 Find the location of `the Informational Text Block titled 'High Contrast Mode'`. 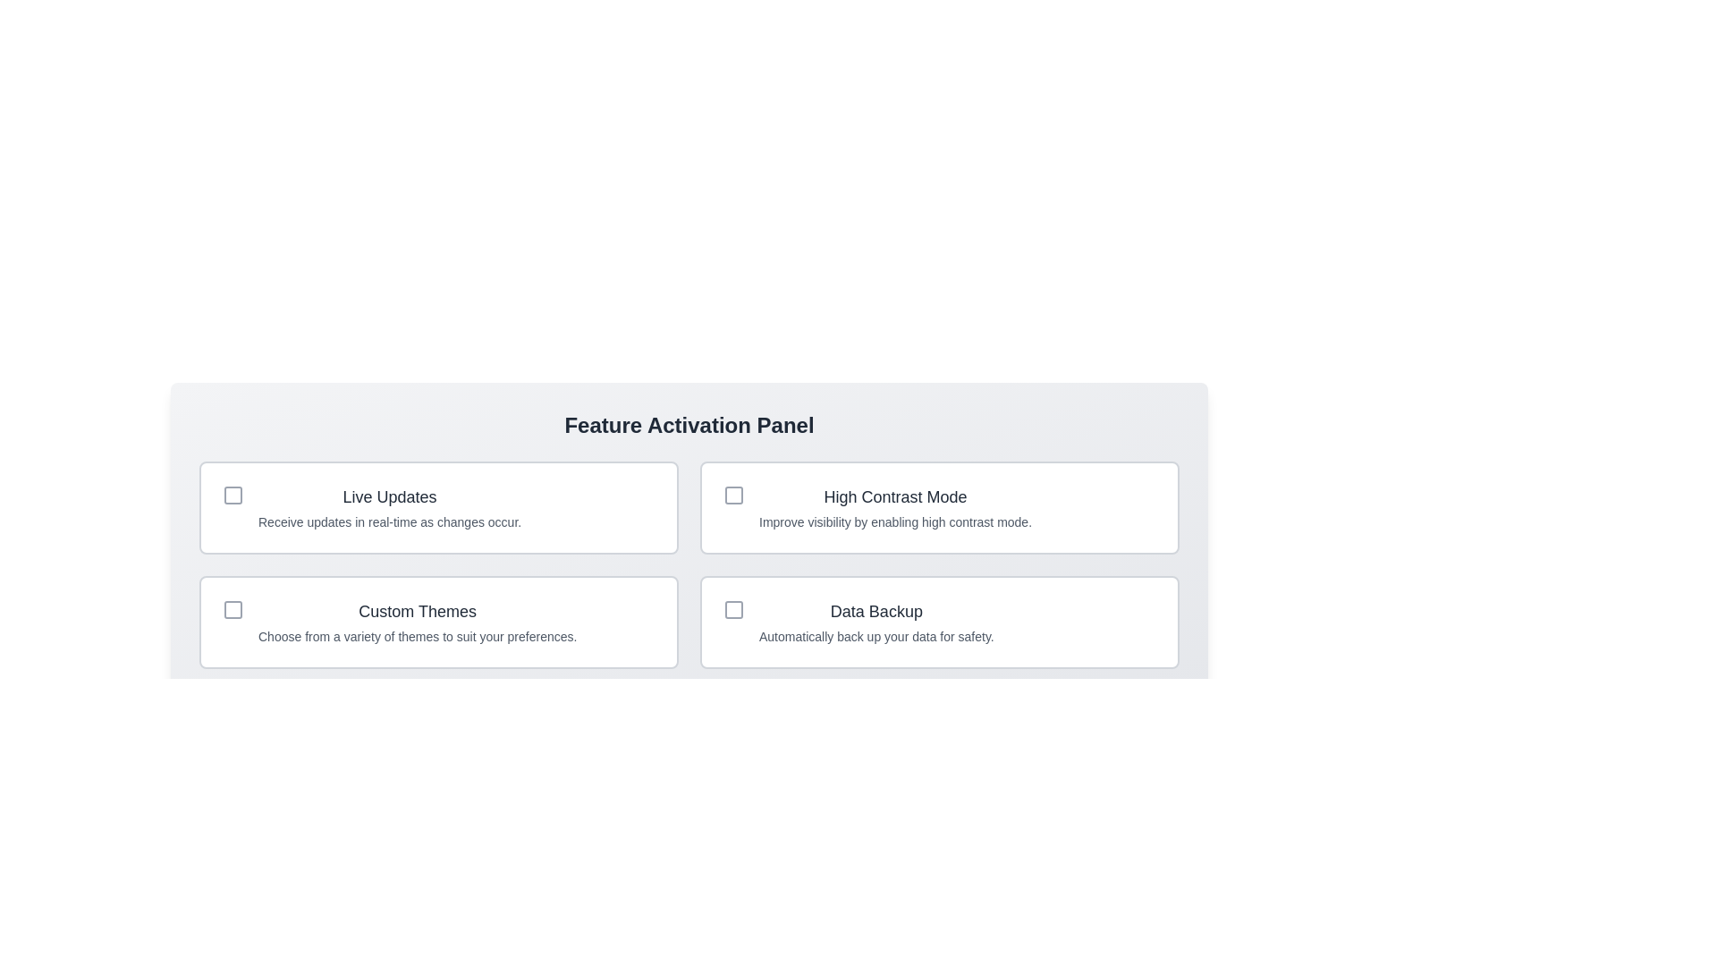

the Informational Text Block titled 'High Contrast Mode' is located at coordinates (895, 507).